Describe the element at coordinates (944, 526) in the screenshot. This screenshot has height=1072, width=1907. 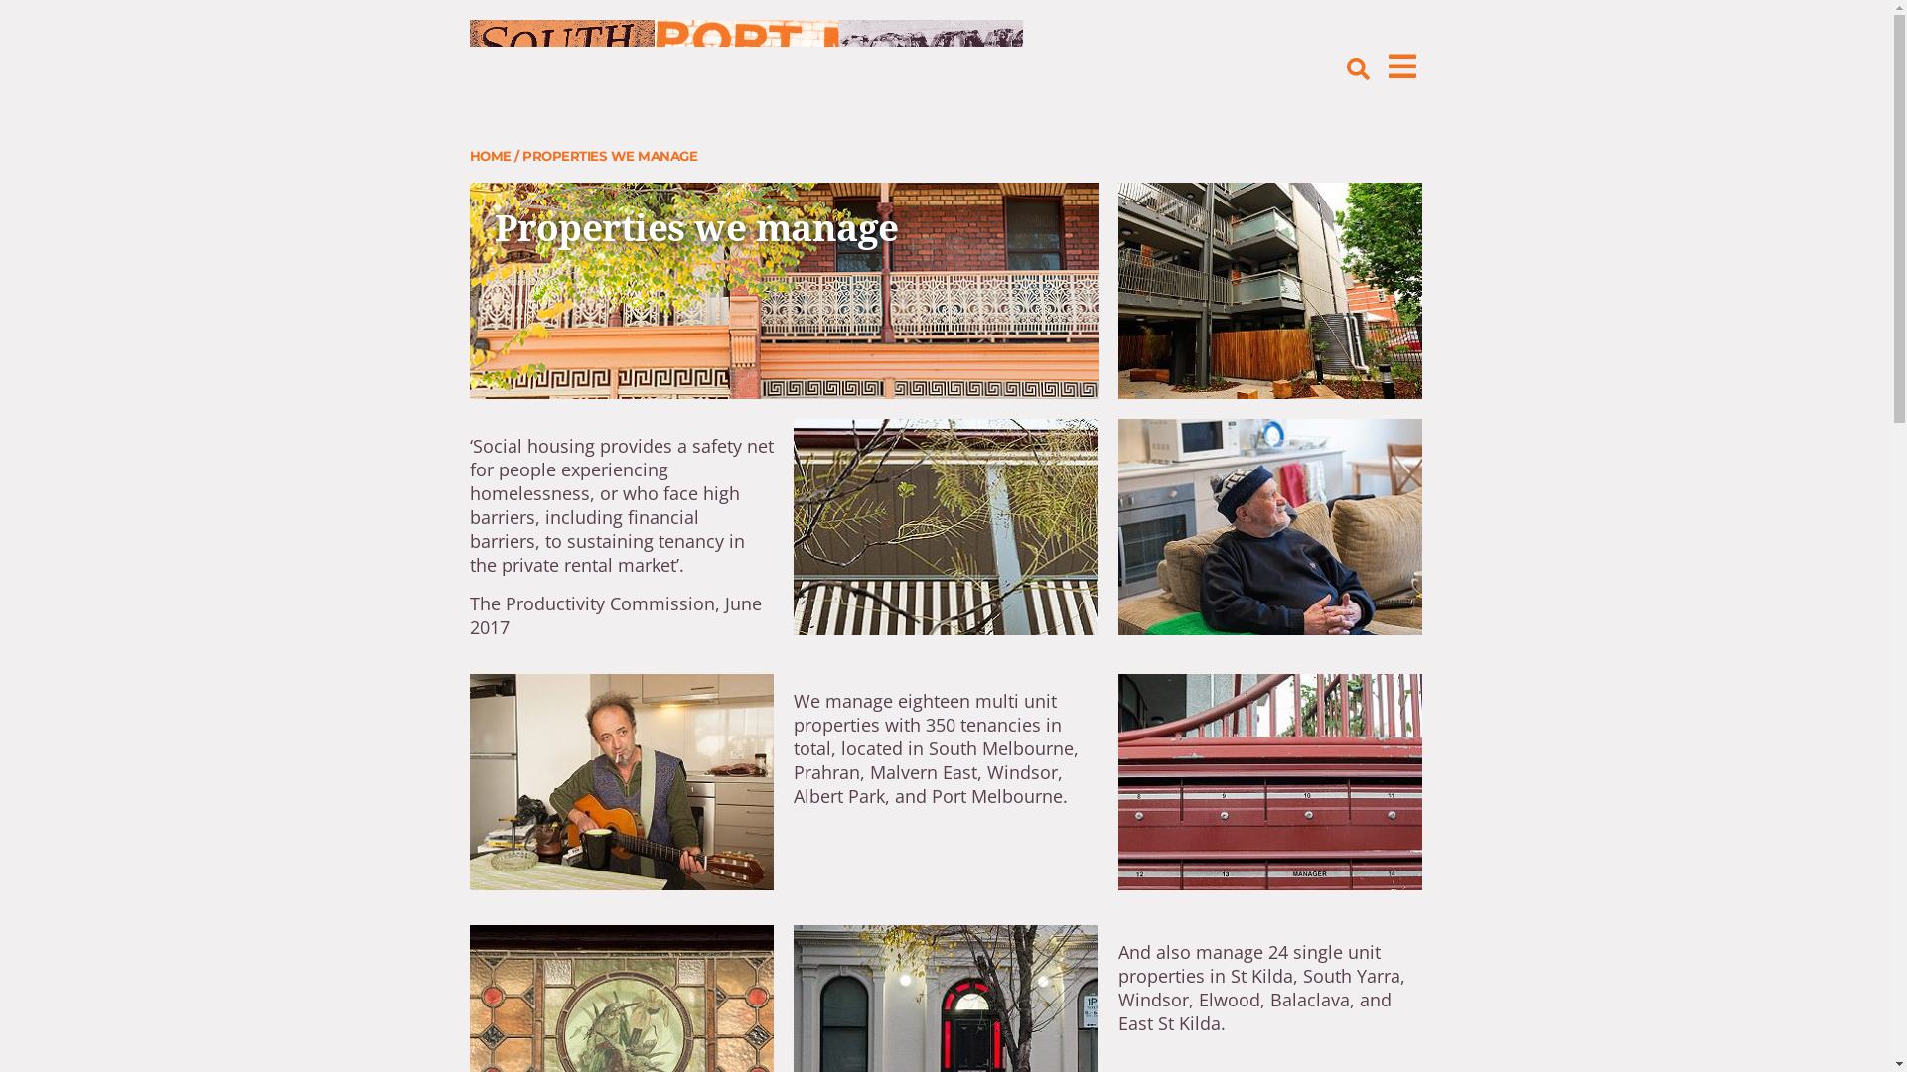
I see `'useful-links'` at that location.